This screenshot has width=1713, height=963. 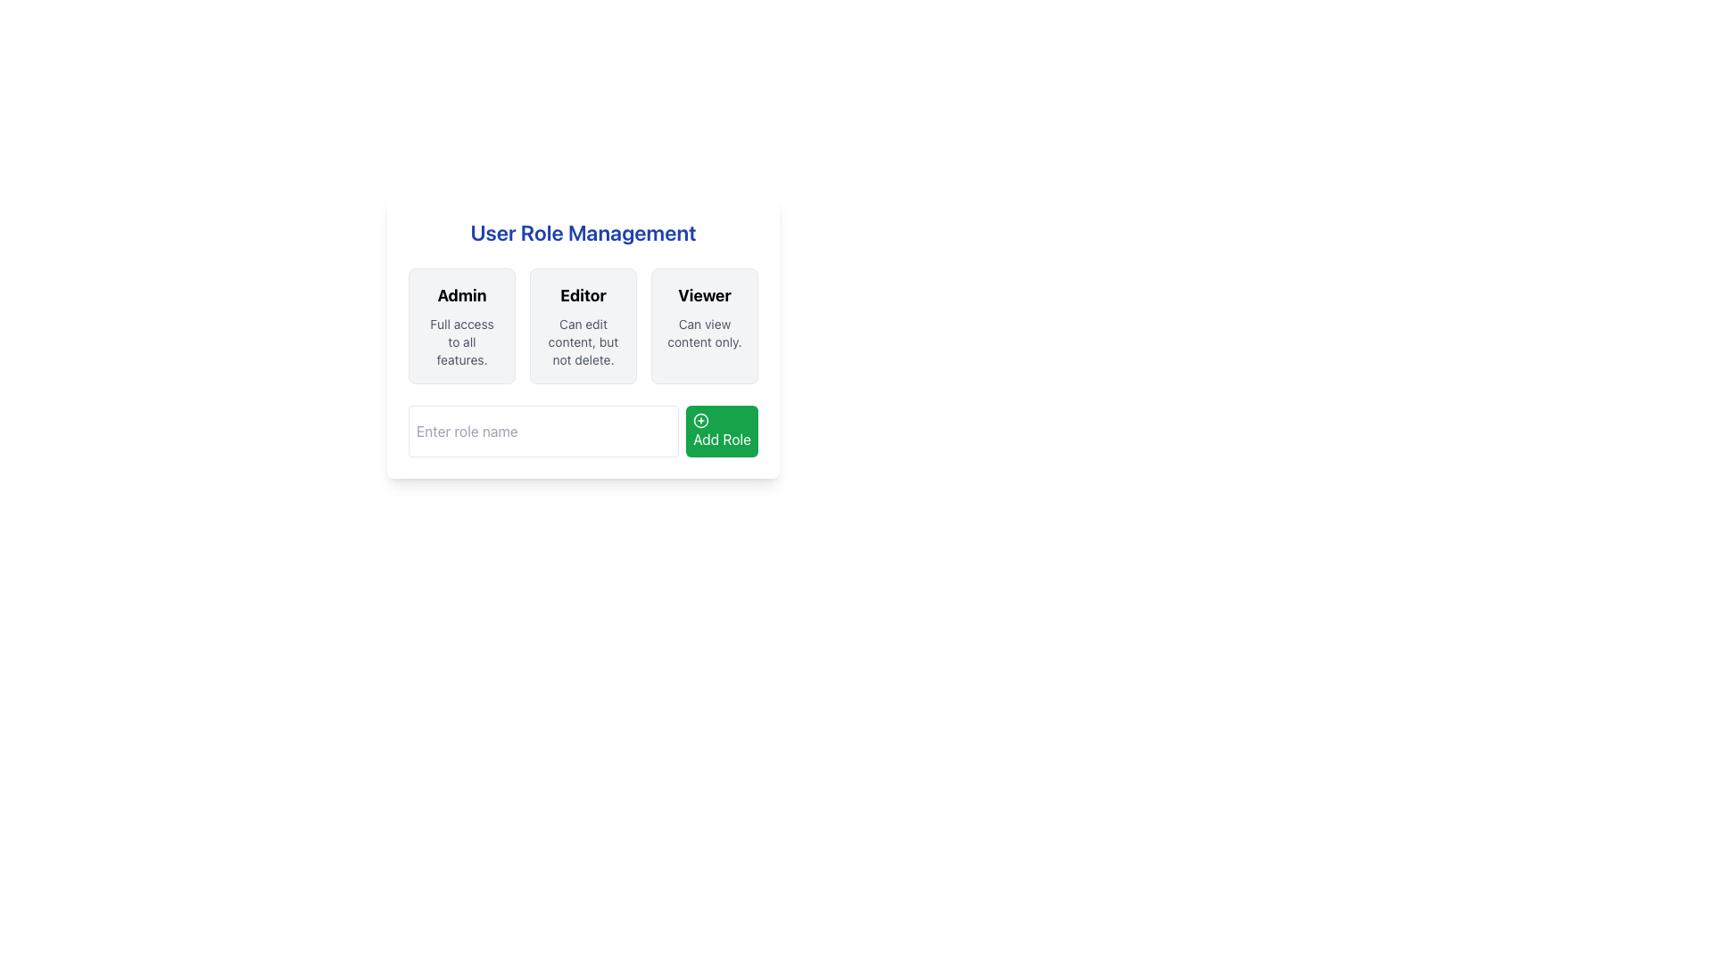 What do you see at coordinates (704, 333) in the screenshot?
I see `the Text Label that describes the 'Viewer' role, providing clarification on access permissions, positioned below the 'Viewer' text within the 'User Role Management' card` at bounding box center [704, 333].